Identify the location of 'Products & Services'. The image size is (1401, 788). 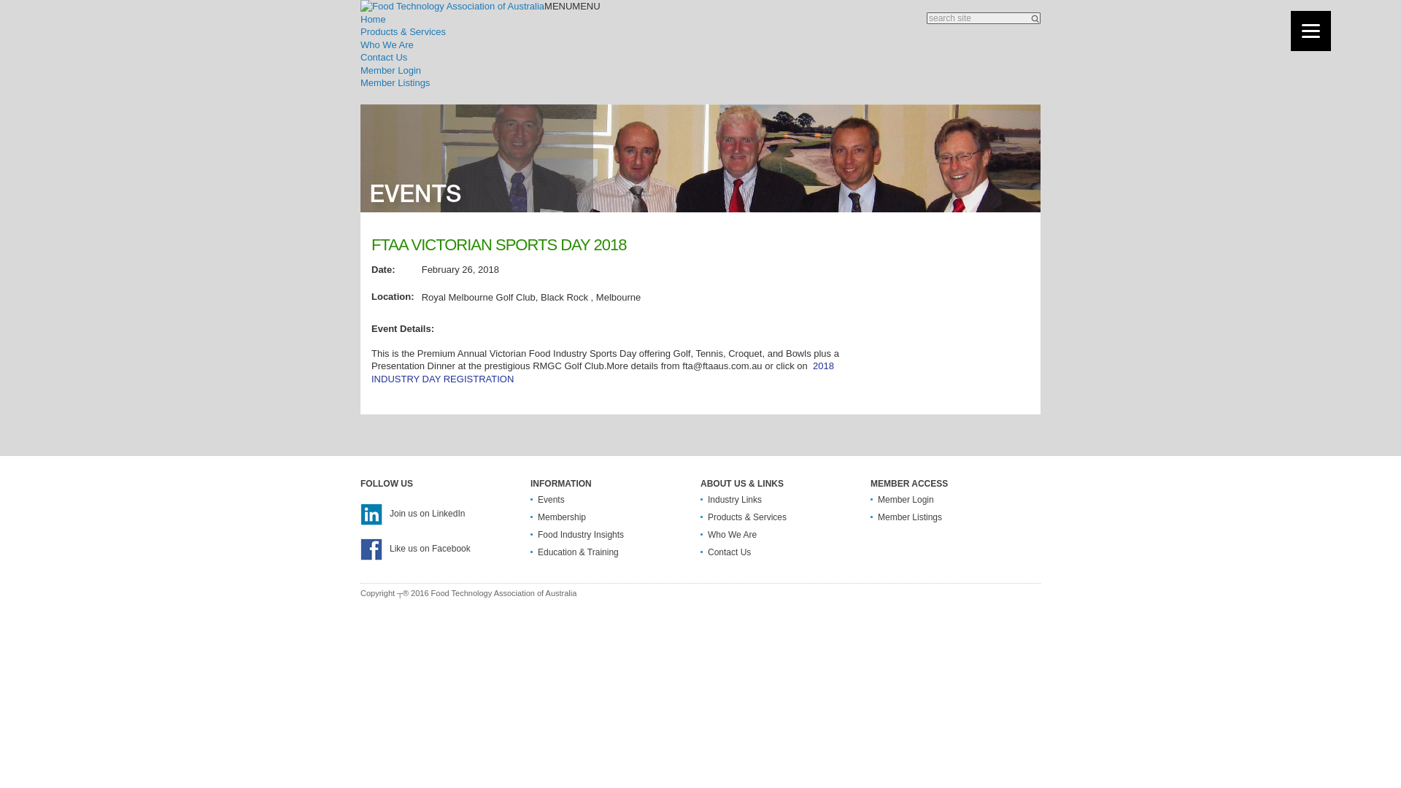
(707, 517).